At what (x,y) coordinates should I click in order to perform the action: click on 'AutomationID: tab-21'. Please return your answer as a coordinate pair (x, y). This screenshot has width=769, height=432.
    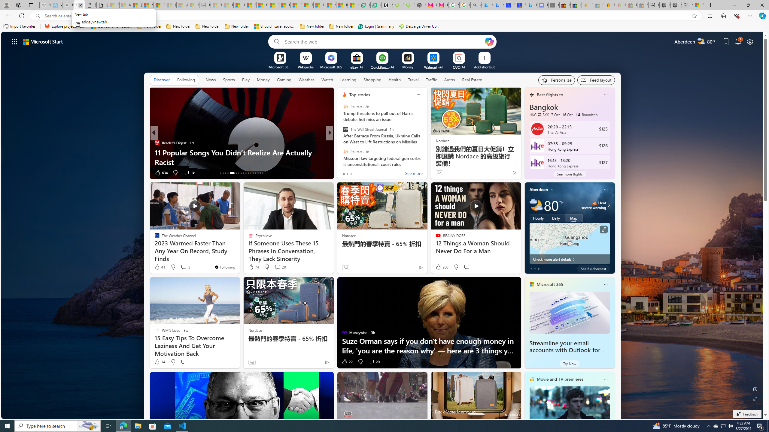
    Looking at the image, I should click on (243, 173).